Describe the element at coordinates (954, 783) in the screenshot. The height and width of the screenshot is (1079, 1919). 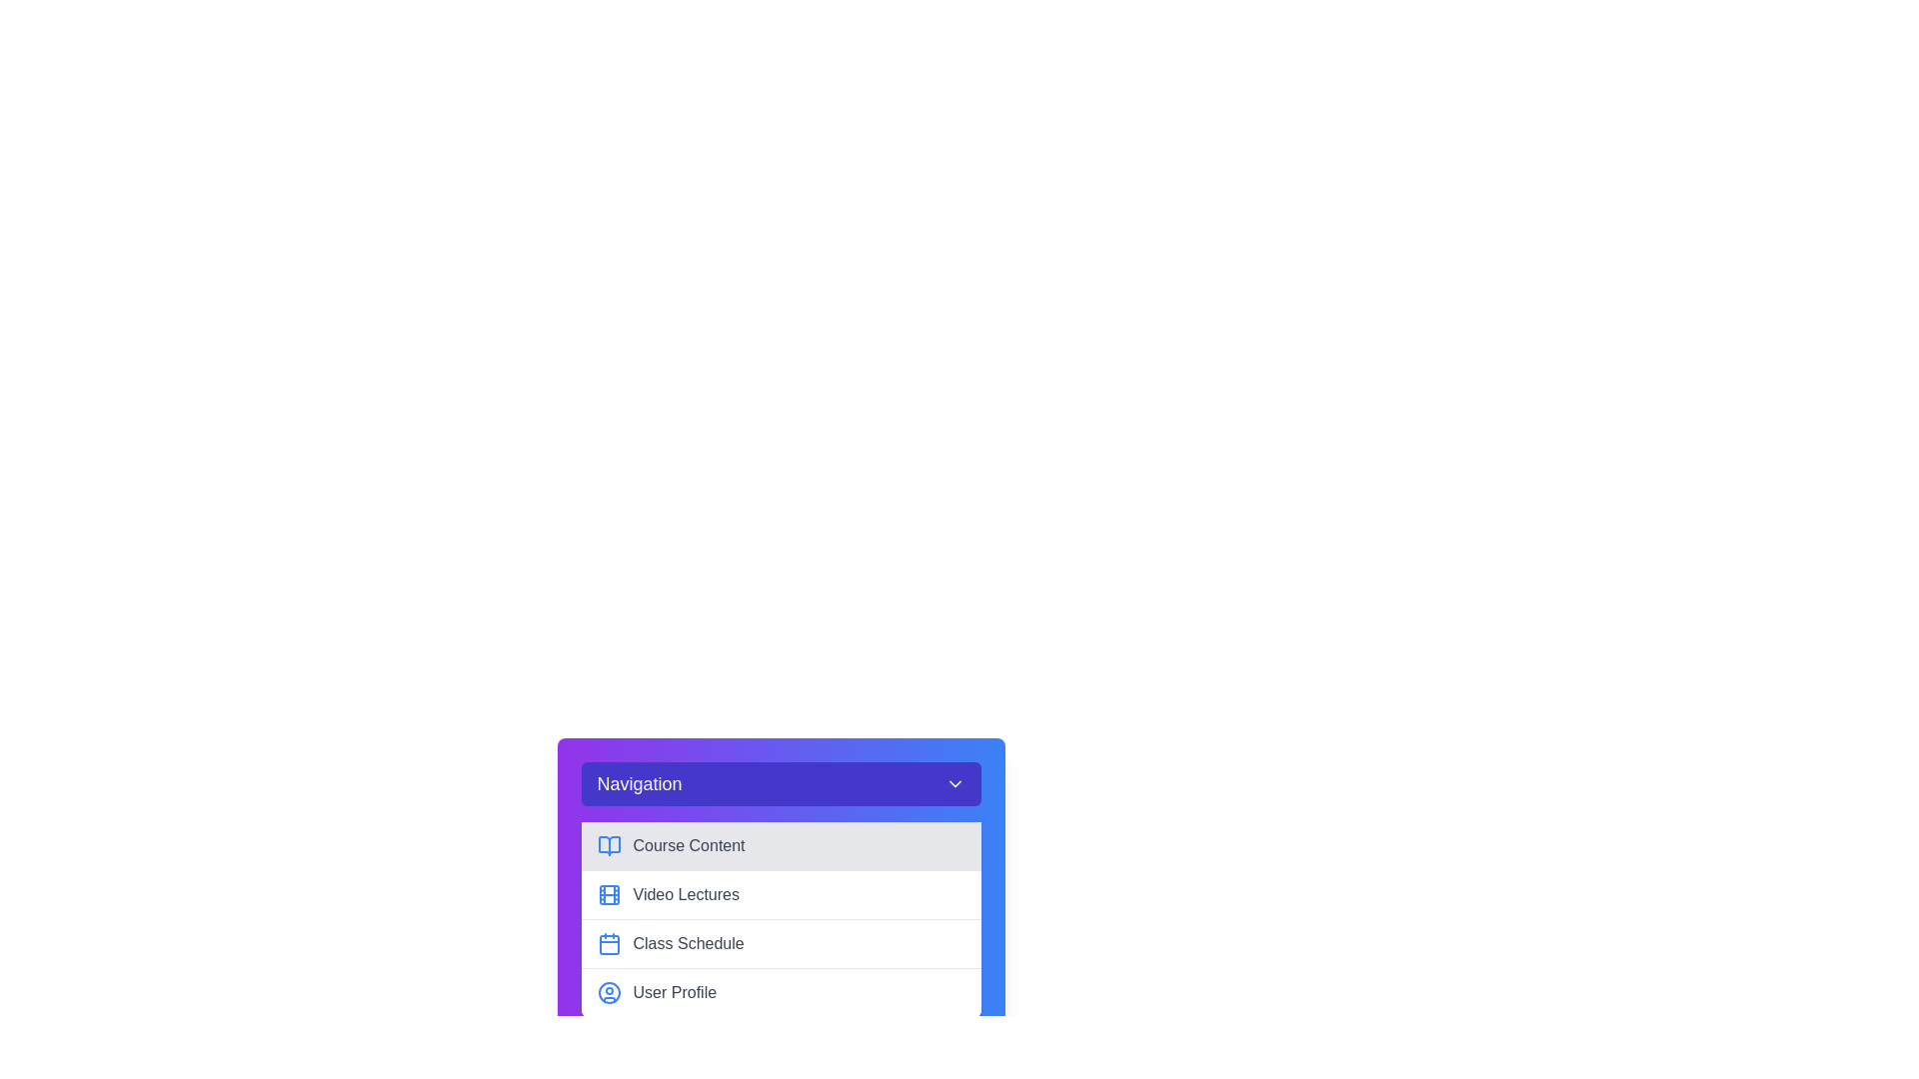
I see `the downward-pointing chevron icon in the purple header section labeled 'Navigation'` at that location.